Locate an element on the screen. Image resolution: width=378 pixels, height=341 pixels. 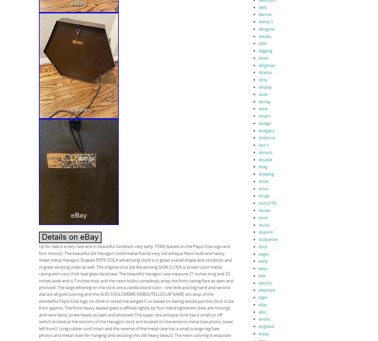
'elephant' is located at coordinates (267, 290).